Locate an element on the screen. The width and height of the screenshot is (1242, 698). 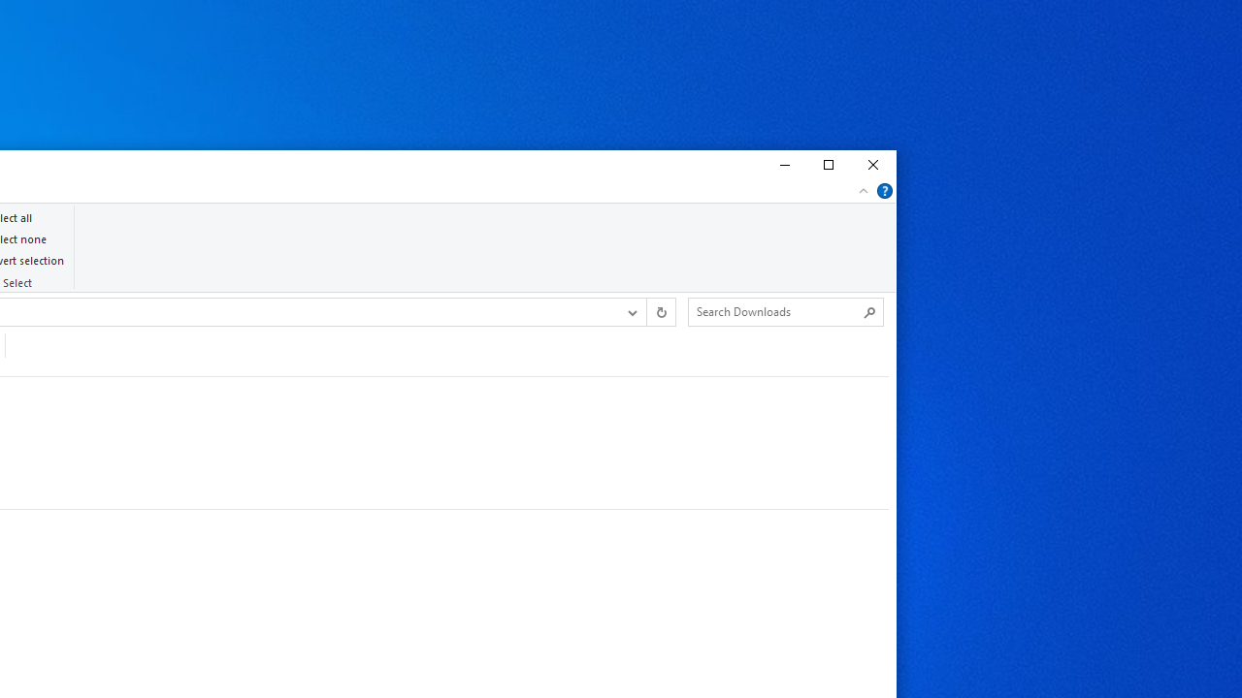
'Minimize' is located at coordinates (783, 165).